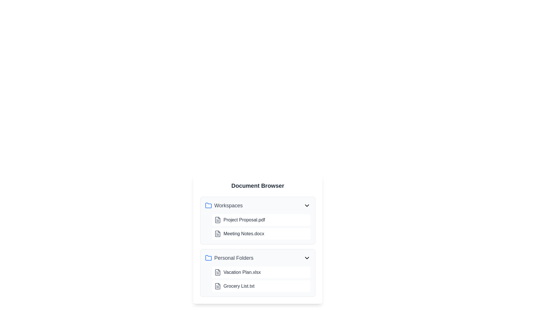 The image size is (553, 311). What do you see at coordinates (229, 257) in the screenshot?
I see `the title text of the folder entry in the 'Document Browser' panel` at bounding box center [229, 257].